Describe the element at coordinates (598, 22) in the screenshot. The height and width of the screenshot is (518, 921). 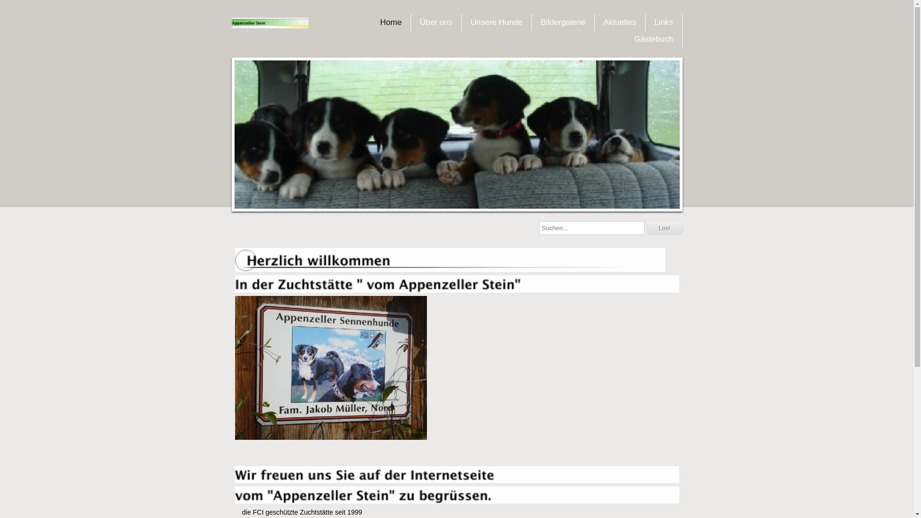
I see `'Aktuelles'` at that location.